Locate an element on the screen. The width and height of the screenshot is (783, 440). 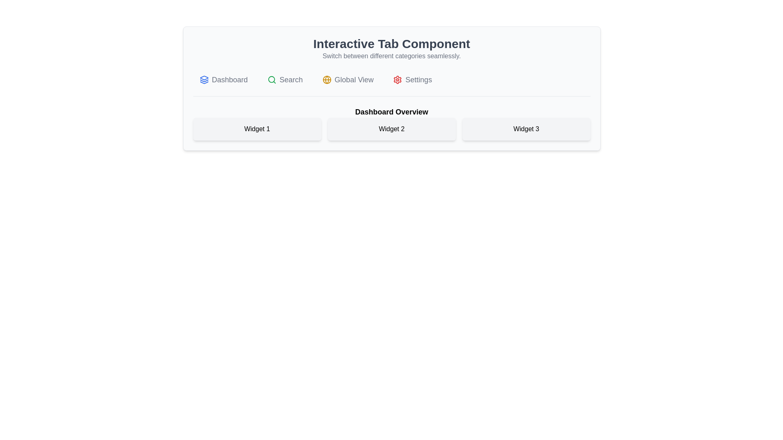
the third tab in the navigation menu, which serves to switch to the 'Global View' category, located between the 'Search' and 'Settings' tabs is located at coordinates (348, 80).